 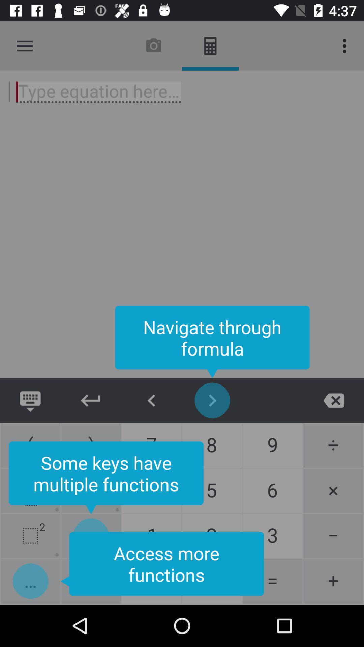 What do you see at coordinates (152, 400) in the screenshot?
I see `before` at bounding box center [152, 400].